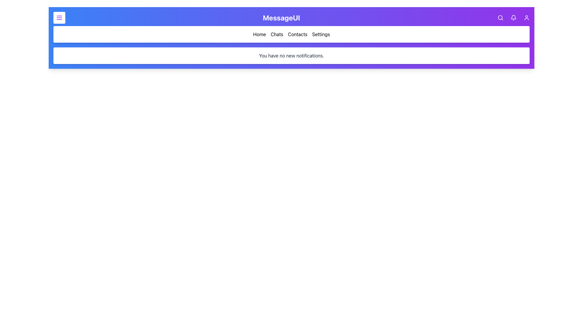 The image size is (570, 320). I want to click on the hamburger menu button located at the top-left corner of the application interface, so click(59, 17).